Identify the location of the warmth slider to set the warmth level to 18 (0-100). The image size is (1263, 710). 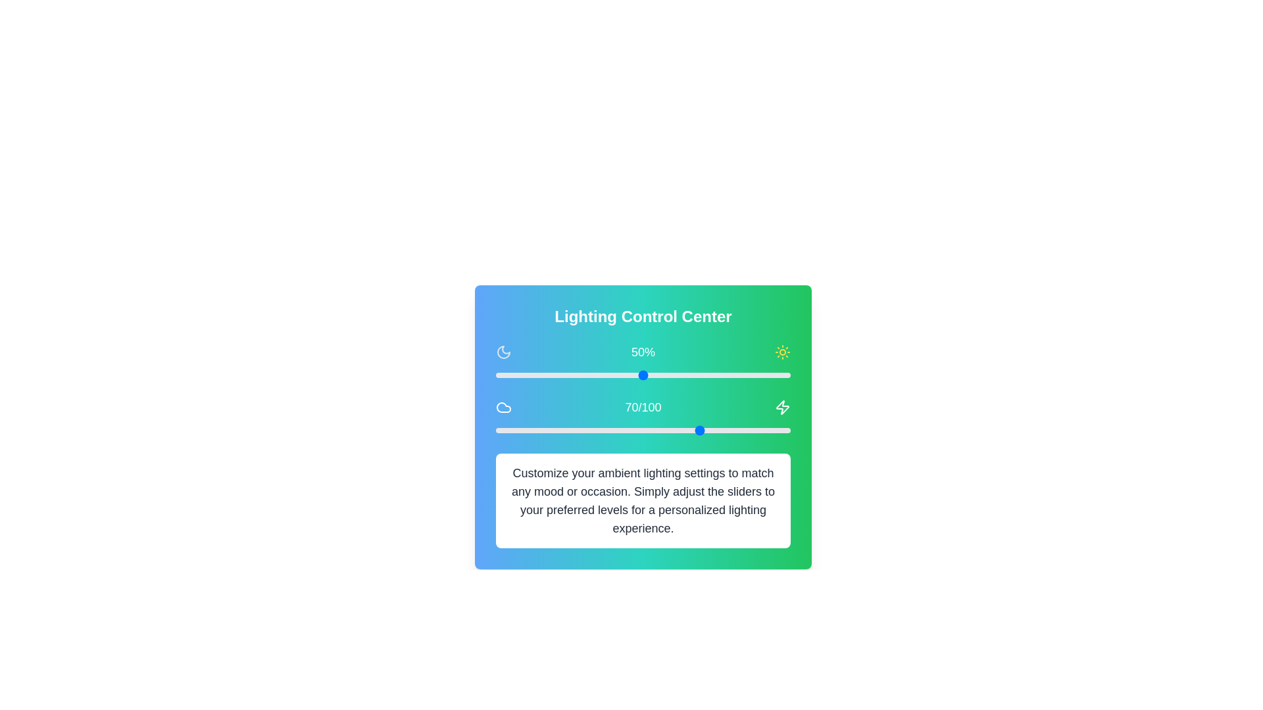
(549, 431).